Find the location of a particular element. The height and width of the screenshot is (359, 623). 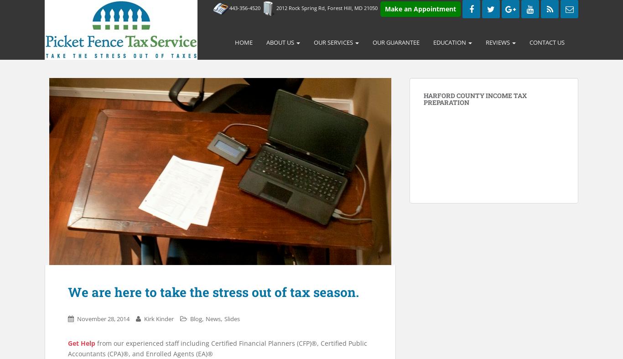

'About US' is located at coordinates (265, 42).